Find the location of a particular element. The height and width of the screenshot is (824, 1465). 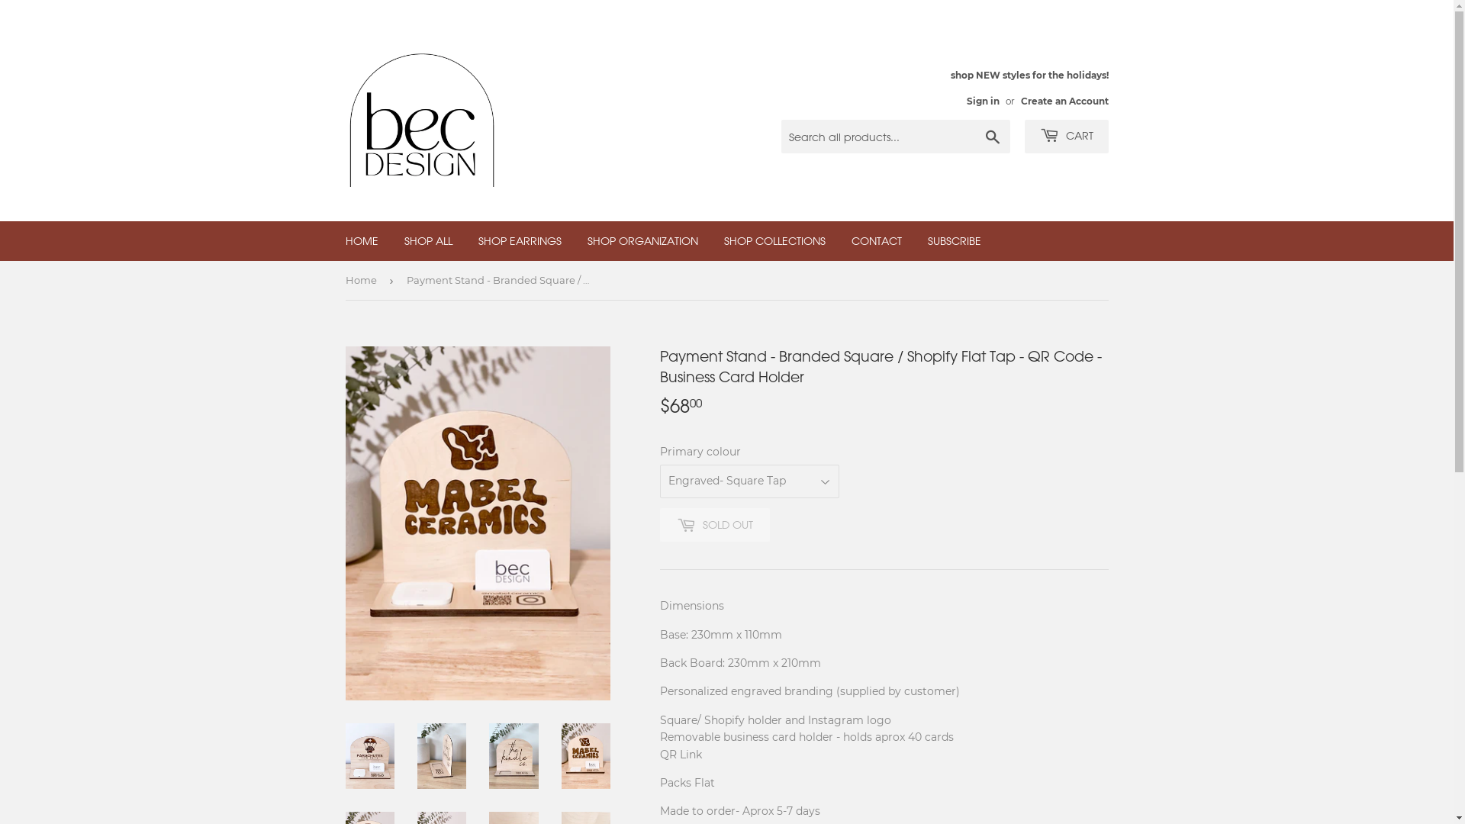

'SHOP ALL' is located at coordinates (391, 240).